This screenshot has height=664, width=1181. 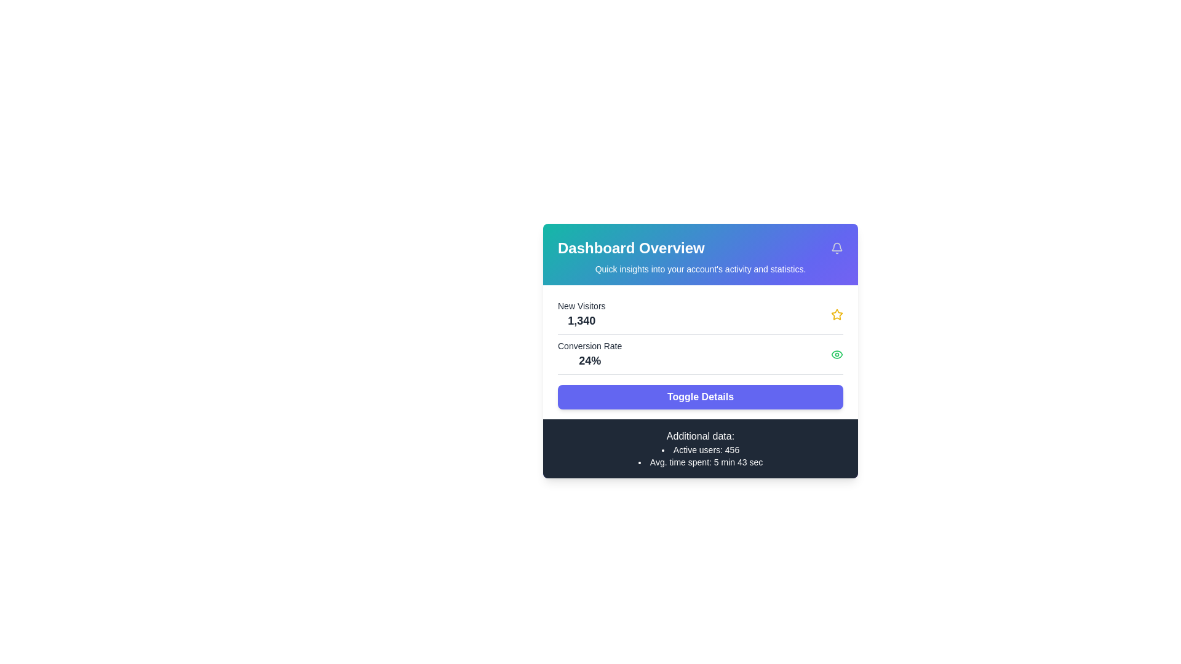 What do you see at coordinates (581, 305) in the screenshot?
I see `the Text Label that describes the data represented by the text '1,340' in the Dashboard Overview section` at bounding box center [581, 305].